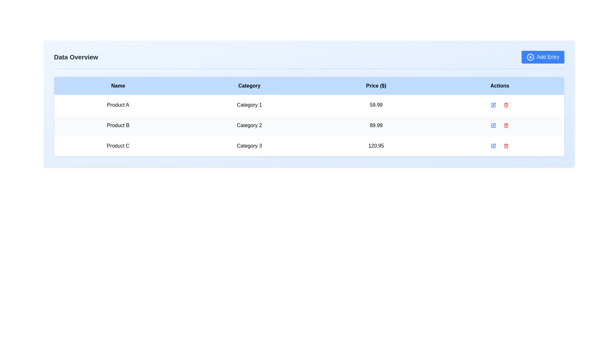 This screenshot has height=345, width=614. What do you see at coordinates (376, 85) in the screenshot?
I see `'Price ($)' Table Column Header, which is the third column header in the table, displayed in bold black text on a light blue background` at bounding box center [376, 85].